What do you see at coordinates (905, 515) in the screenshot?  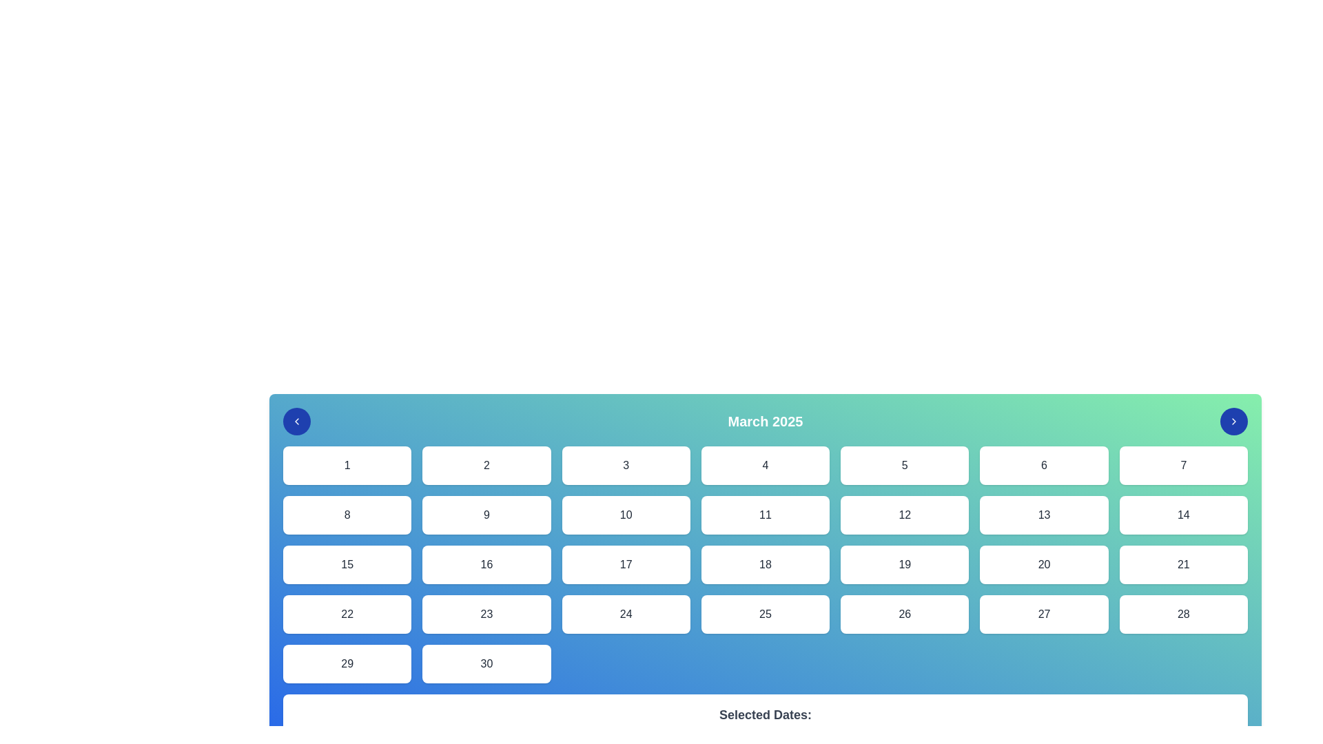 I see `the rectangular button displaying the numeral '12'` at bounding box center [905, 515].